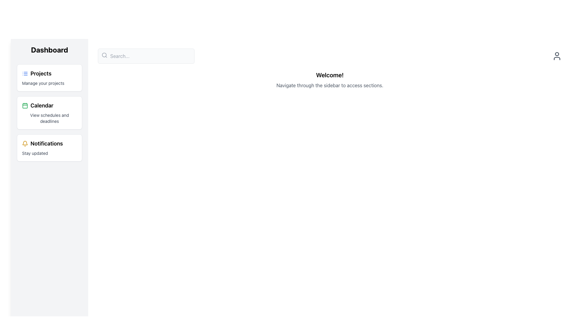 The width and height of the screenshot is (580, 326). I want to click on the 'Calendar' Navigation Label, which is the second item in the sidebar under the 'Dashboard' header, displaying a green calendar icon and bold text, so click(37, 105).